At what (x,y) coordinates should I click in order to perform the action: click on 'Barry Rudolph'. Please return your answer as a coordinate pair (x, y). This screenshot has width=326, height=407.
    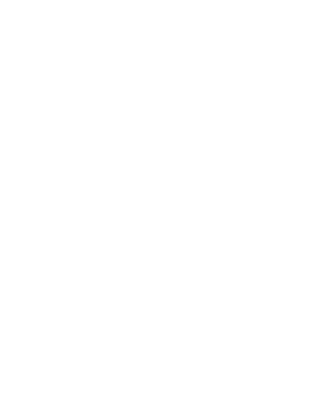
    Looking at the image, I should click on (89, 163).